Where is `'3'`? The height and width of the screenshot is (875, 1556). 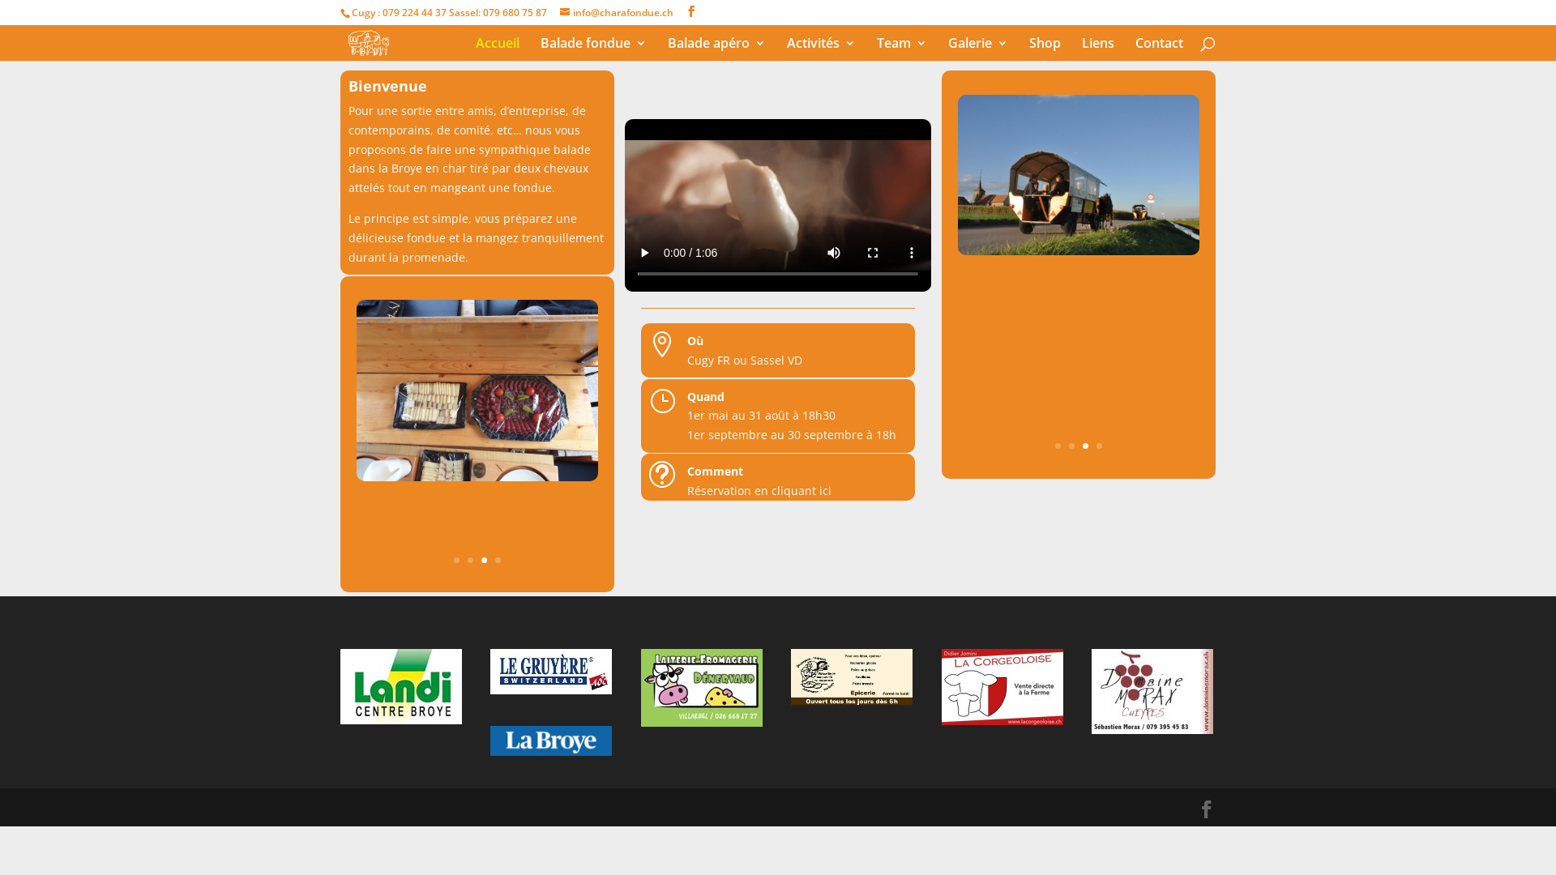
'3' is located at coordinates (483, 559).